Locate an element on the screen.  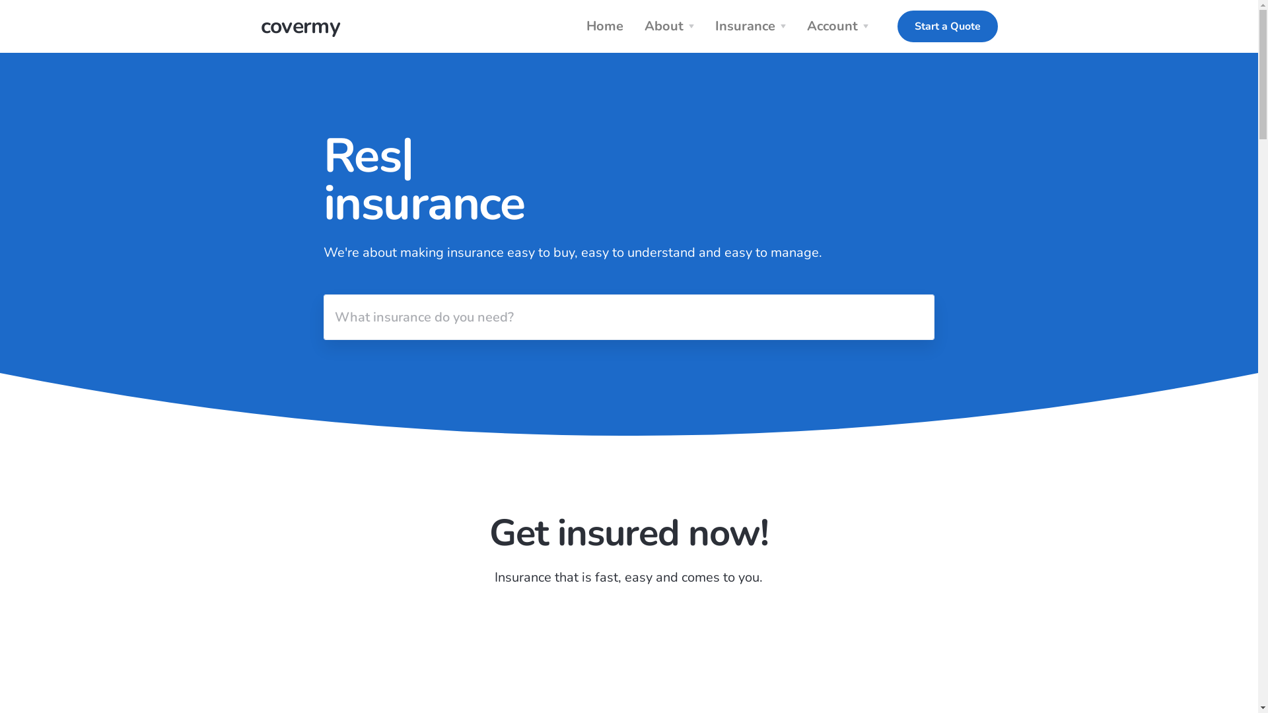
'covermy' is located at coordinates (299, 26).